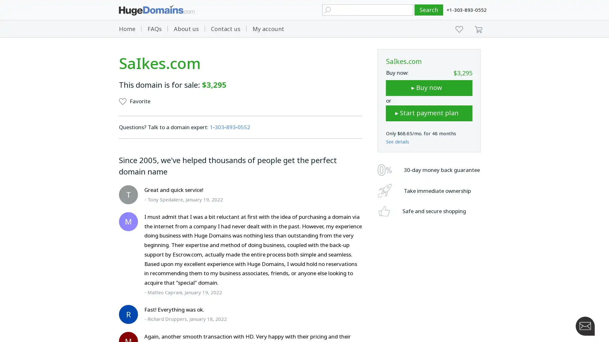 This screenshot has width=609, height=342. I want to click on Search, so click(429, 10).